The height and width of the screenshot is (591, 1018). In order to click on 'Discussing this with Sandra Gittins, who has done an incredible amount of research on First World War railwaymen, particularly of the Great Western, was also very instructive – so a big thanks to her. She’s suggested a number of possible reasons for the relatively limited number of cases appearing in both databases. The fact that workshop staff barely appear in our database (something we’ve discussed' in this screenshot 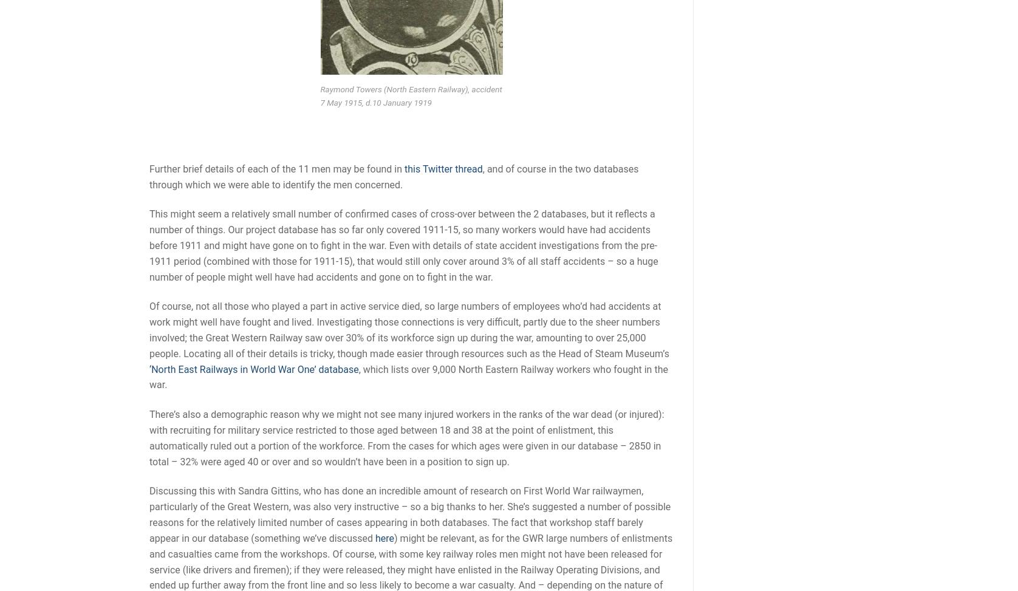, I will do `click(409, 514)`.